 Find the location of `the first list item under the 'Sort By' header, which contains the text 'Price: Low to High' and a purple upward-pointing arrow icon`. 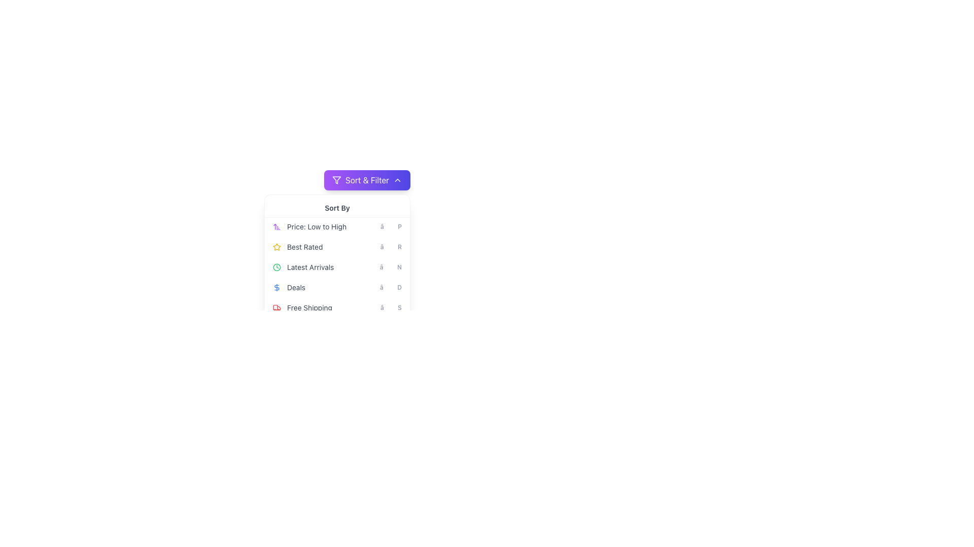

the first list item under the 'Sort By' header, which contains the text 'Price: Low to High' and a purple upward-pointing arrow icon is located at coordinates (337, 226).